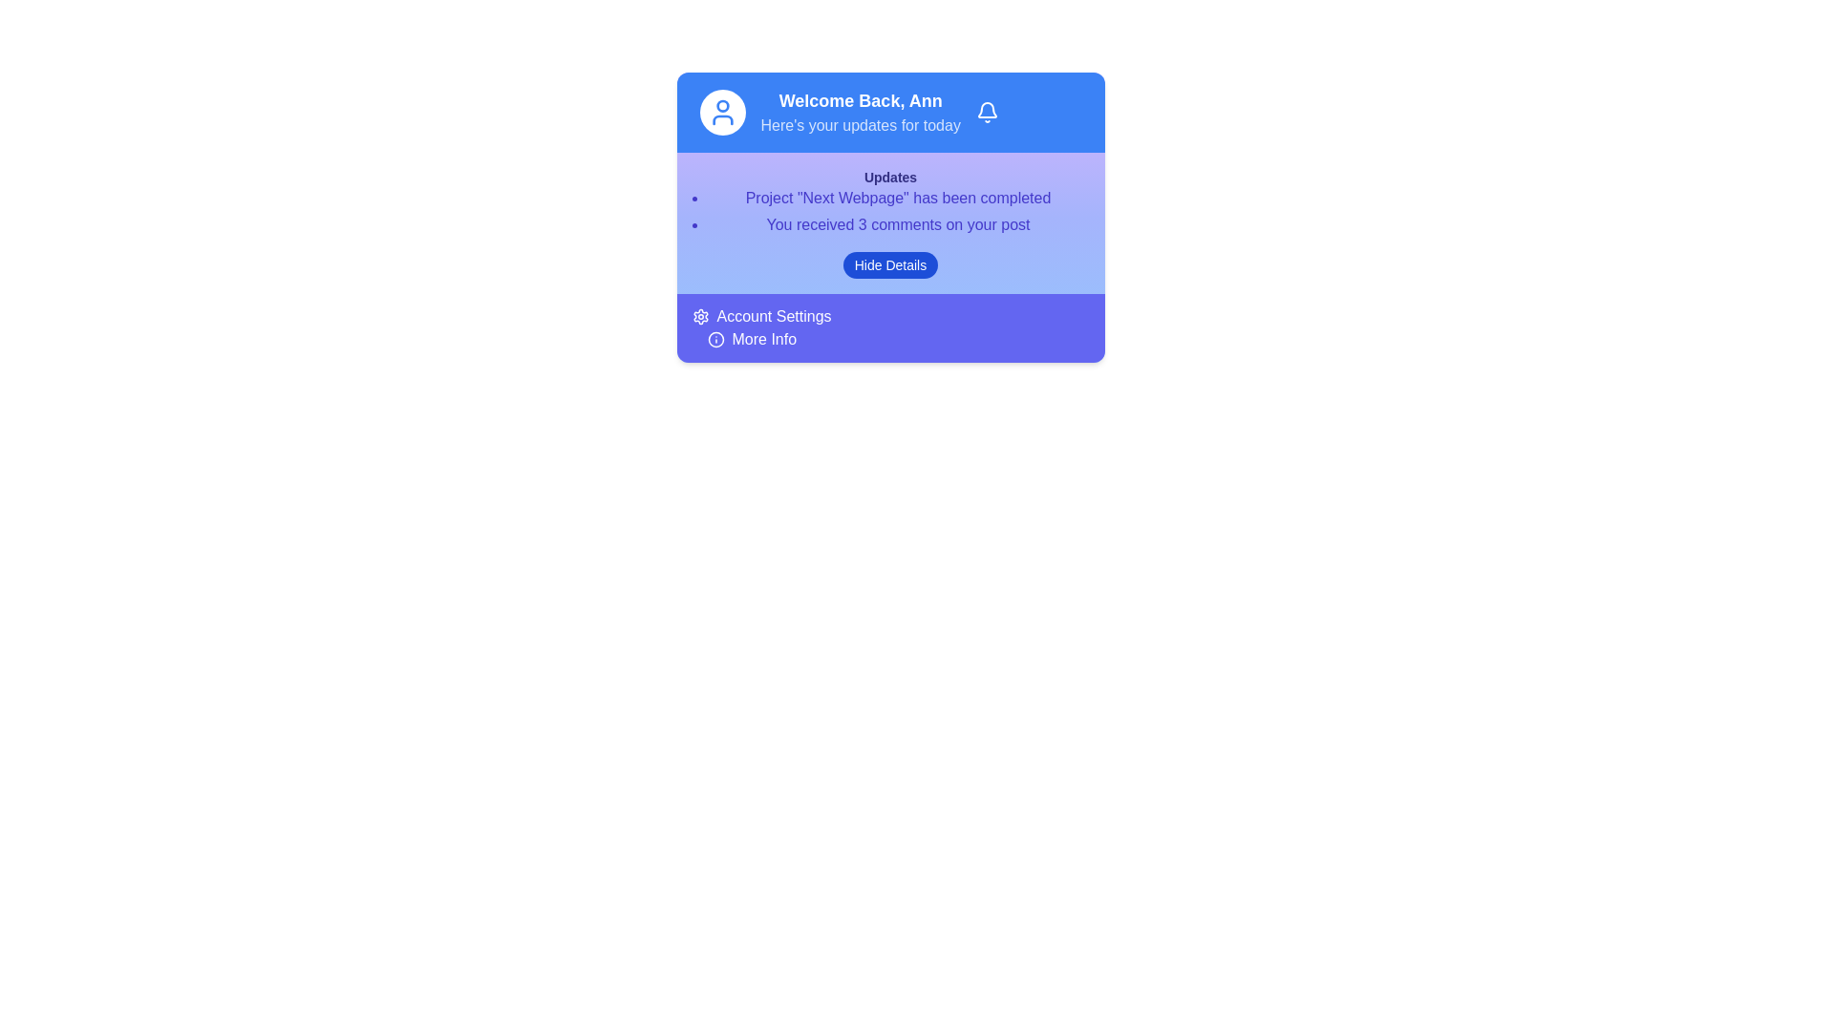 The width and height of the screenshot is (1834, 1031). I want to click on the User profile icon, which is a circular icon resembling a user's head, located within a blue circular background at the top left corner of a card widget, so click(721, 106).